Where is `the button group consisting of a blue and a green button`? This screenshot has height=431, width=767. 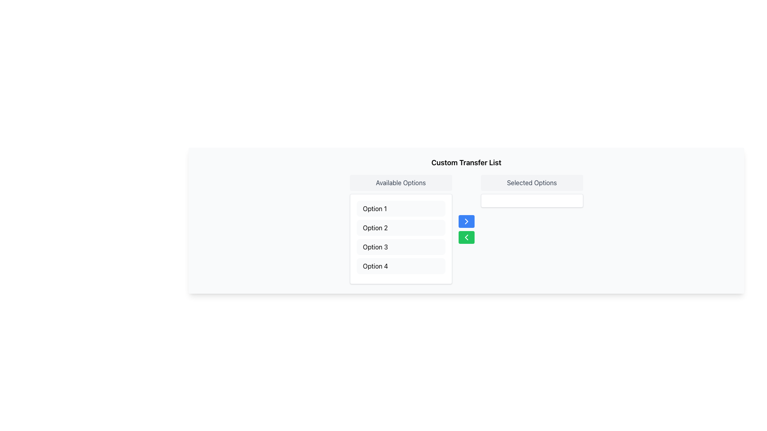
the button group consisting of a blue and a green button is located at coordinates (466, 229).